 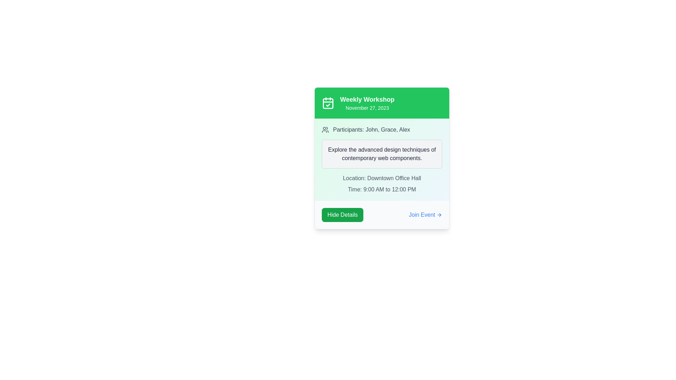 What do you see at coordinates (325, 130) in the screenshot?
I see `the compact icon representing a group of people, which is outlined in dark gray and positioned to the left of the text label 'Participants: John, Grace, Alex'` at bounding box center [325, 130].